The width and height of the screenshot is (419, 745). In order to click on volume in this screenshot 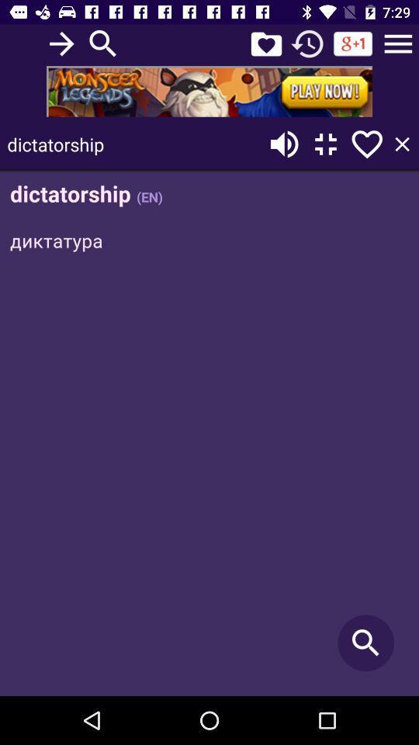, I will do `click(283, 144)`.